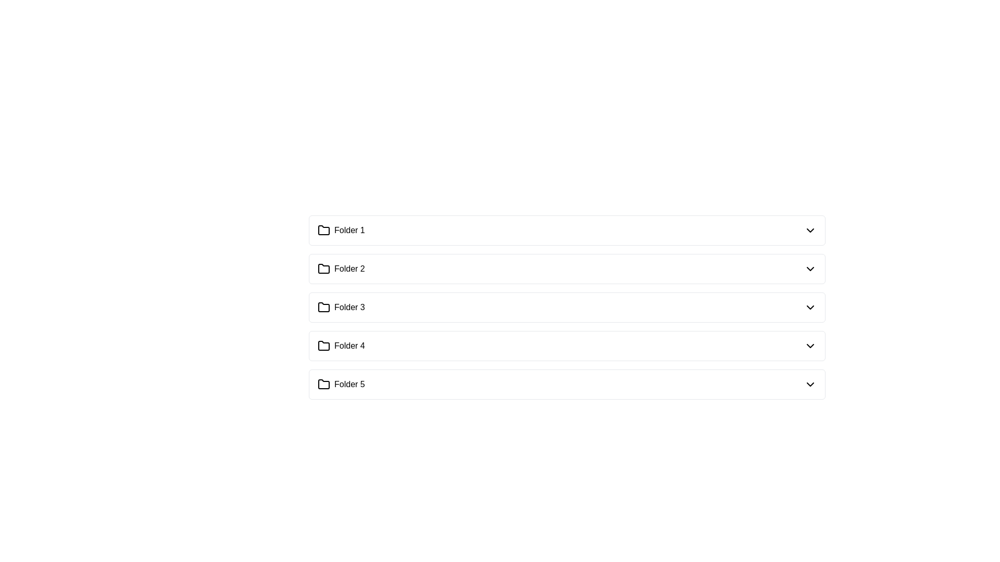 Image resolution: width=1000 pixels, height=562 pixels. What do you see at coordinates (341, 346) in the screenshot?
I see `the fourth List Item labeled 'Folder 4', which features a small outlined folder icon on the left and is part of a vertical list of similar entries` at bounding box center [341, 346].